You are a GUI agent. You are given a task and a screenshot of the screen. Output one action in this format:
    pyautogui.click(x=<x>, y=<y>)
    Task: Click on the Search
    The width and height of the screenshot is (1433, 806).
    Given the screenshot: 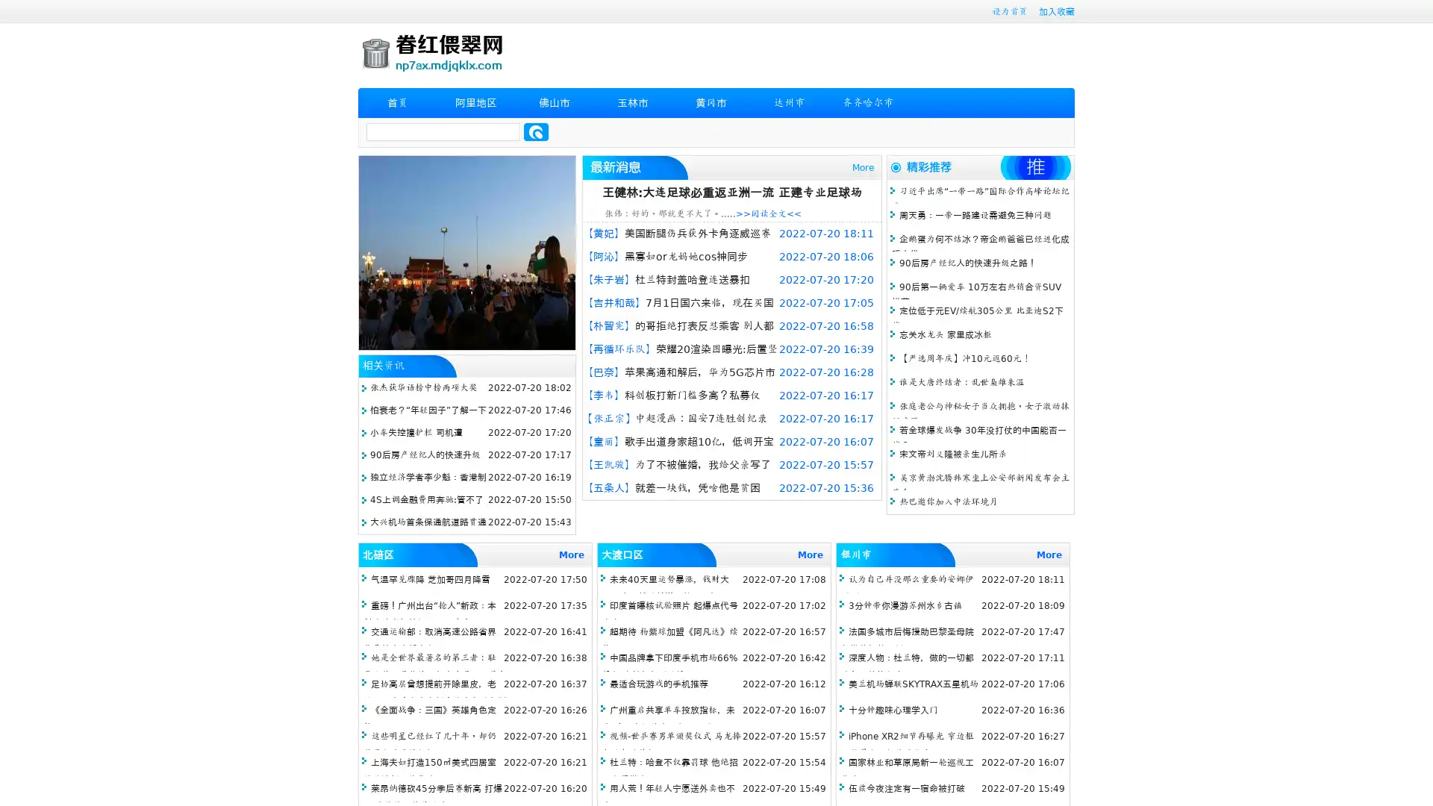 What is the action you would take?
    pyautogui.click(x=536, y=131)
    